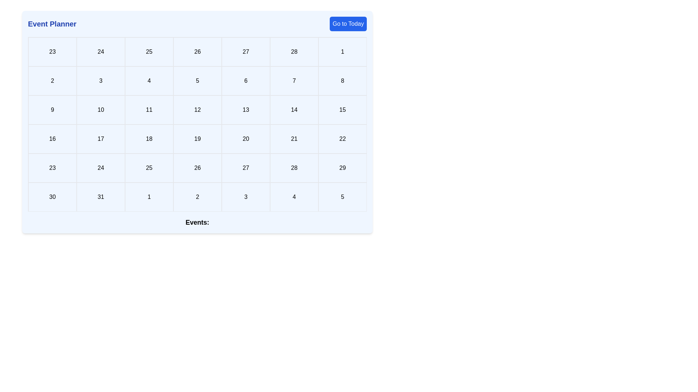 This screenshot has height=392, width=698. What do you see at coordinates (149, 168) in the screenshot?
I see `the calendar grid cell representing the date '25'` at bounding box center [149, 168].